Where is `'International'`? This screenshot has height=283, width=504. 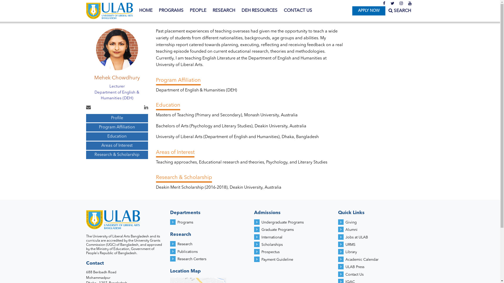 'International' is located at coordinates (272, 237).